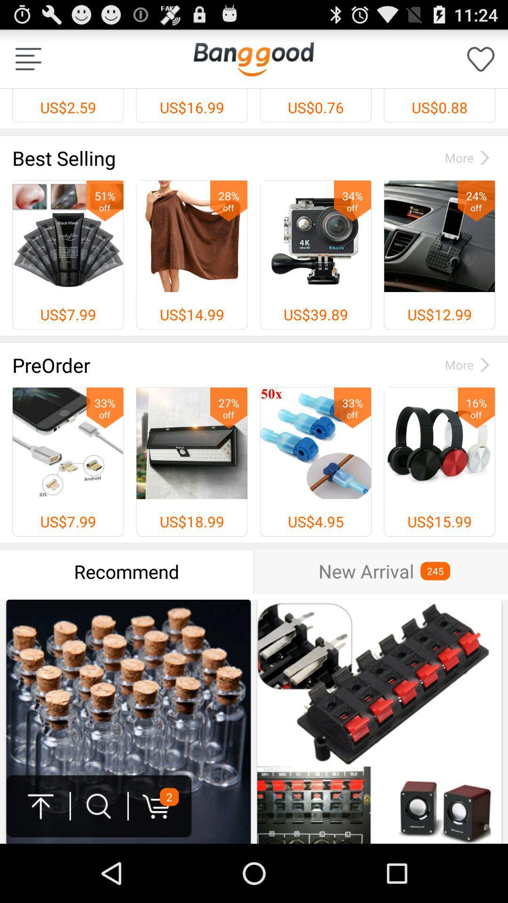 This screenshot has width=508, height=903. I want to click on like option, so click(481, 58).